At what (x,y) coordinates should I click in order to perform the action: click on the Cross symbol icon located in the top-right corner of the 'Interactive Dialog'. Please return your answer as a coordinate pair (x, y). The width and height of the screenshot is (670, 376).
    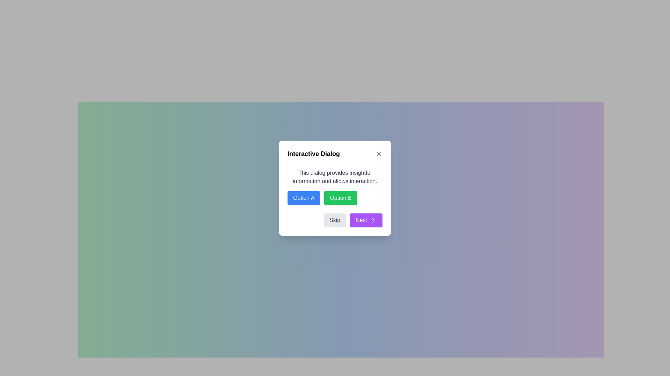
    Looking at the image, I should click on (378, 153).